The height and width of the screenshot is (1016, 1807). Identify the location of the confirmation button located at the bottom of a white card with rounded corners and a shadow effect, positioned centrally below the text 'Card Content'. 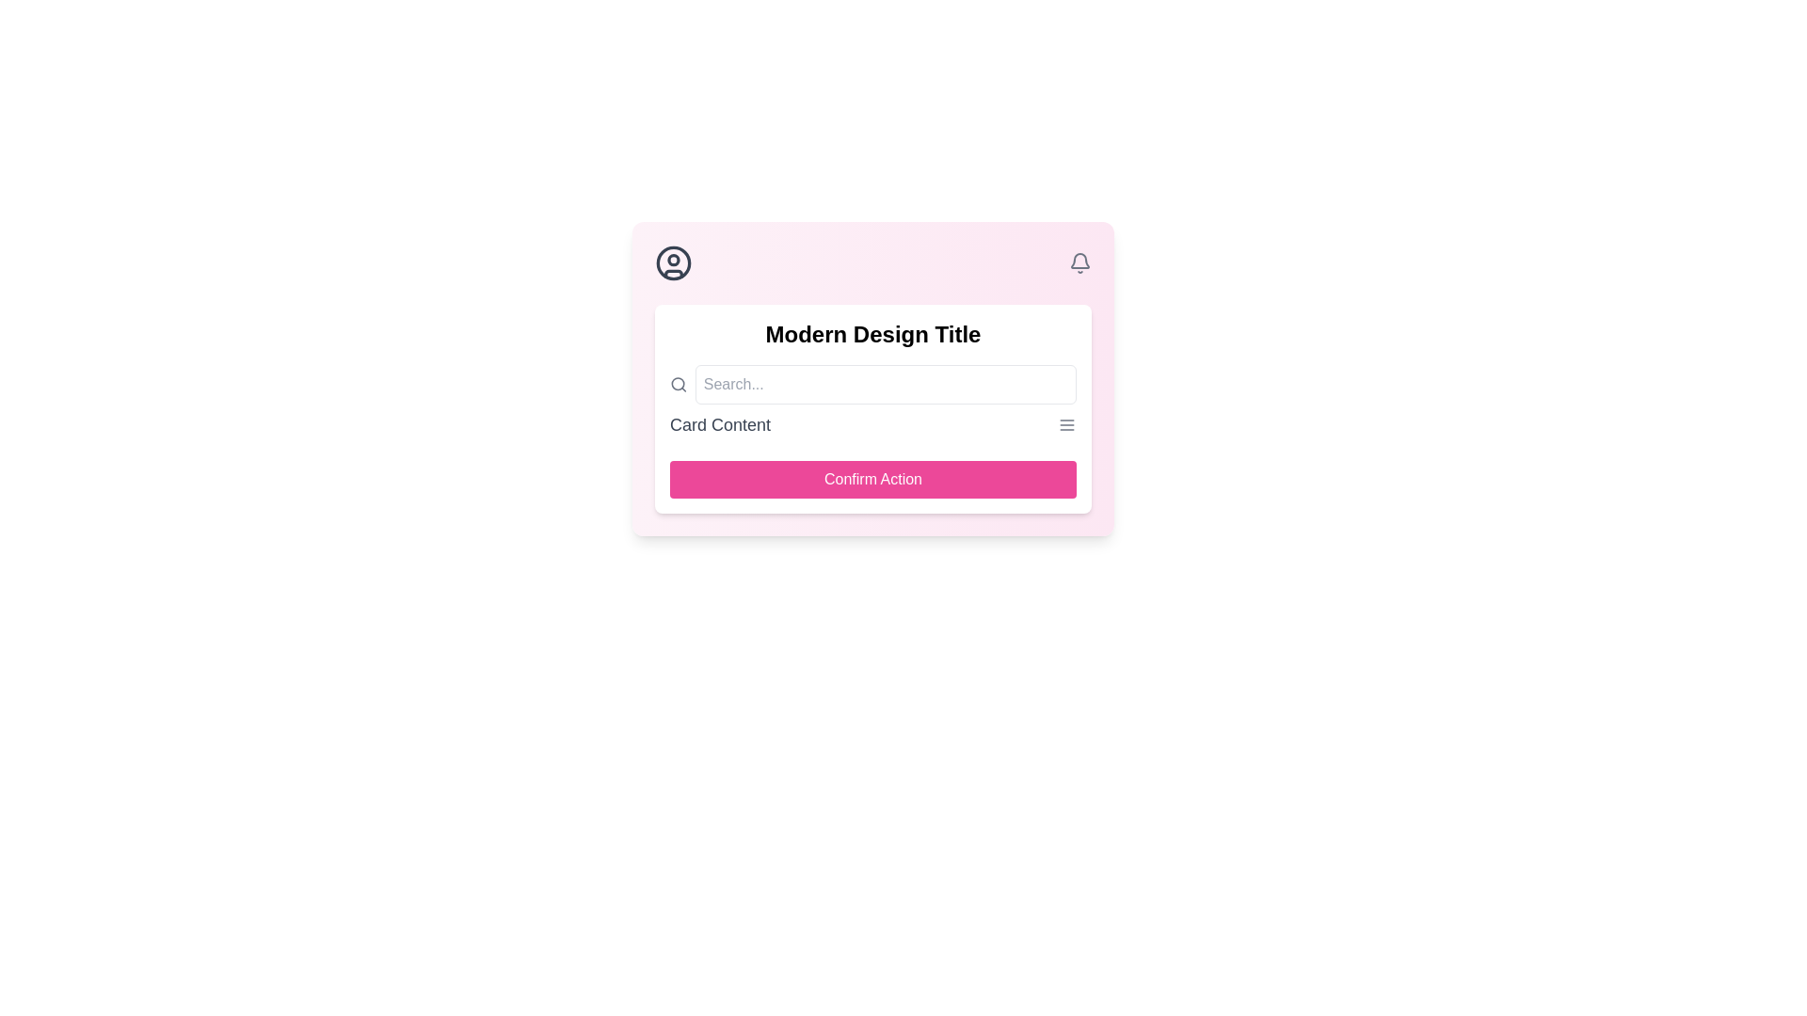
(872, 478).